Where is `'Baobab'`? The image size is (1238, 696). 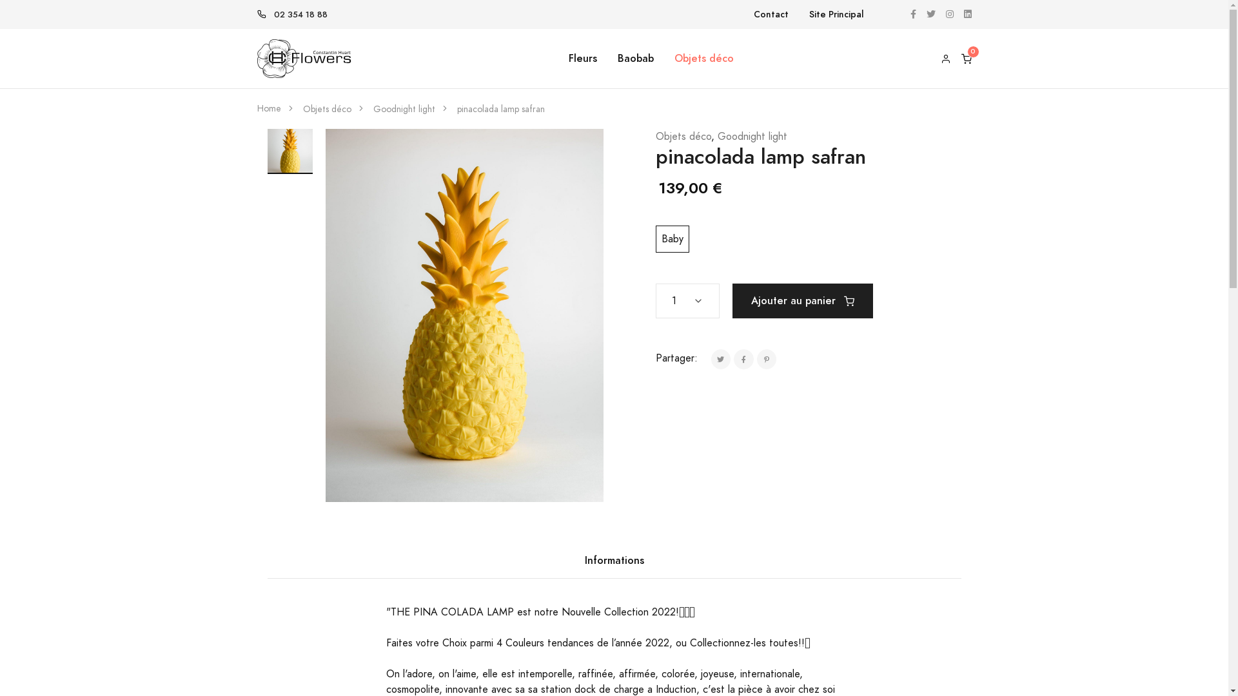 'Baobab' is located at coordinates (635, 59).